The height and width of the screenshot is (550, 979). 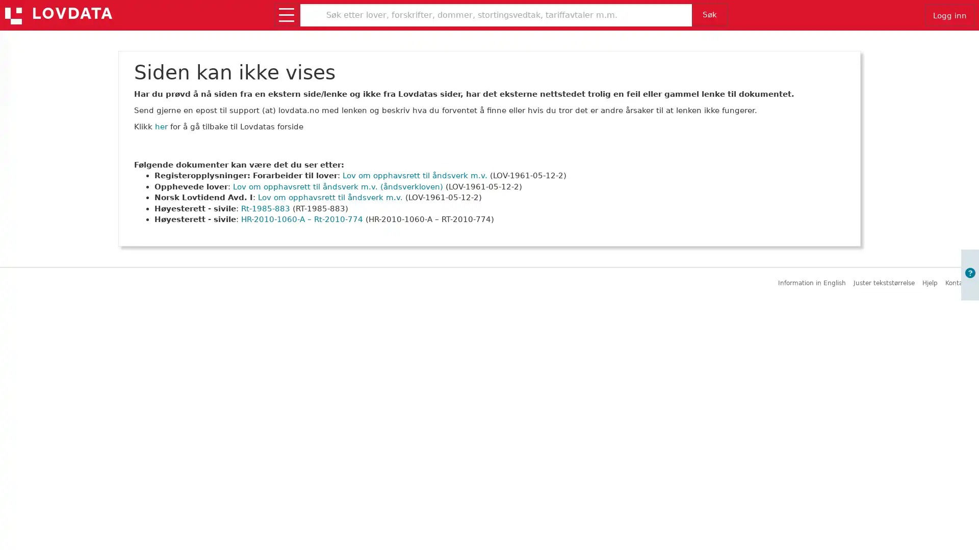 I want to click on Apne/lukk meny, so click(x=286, y=15).